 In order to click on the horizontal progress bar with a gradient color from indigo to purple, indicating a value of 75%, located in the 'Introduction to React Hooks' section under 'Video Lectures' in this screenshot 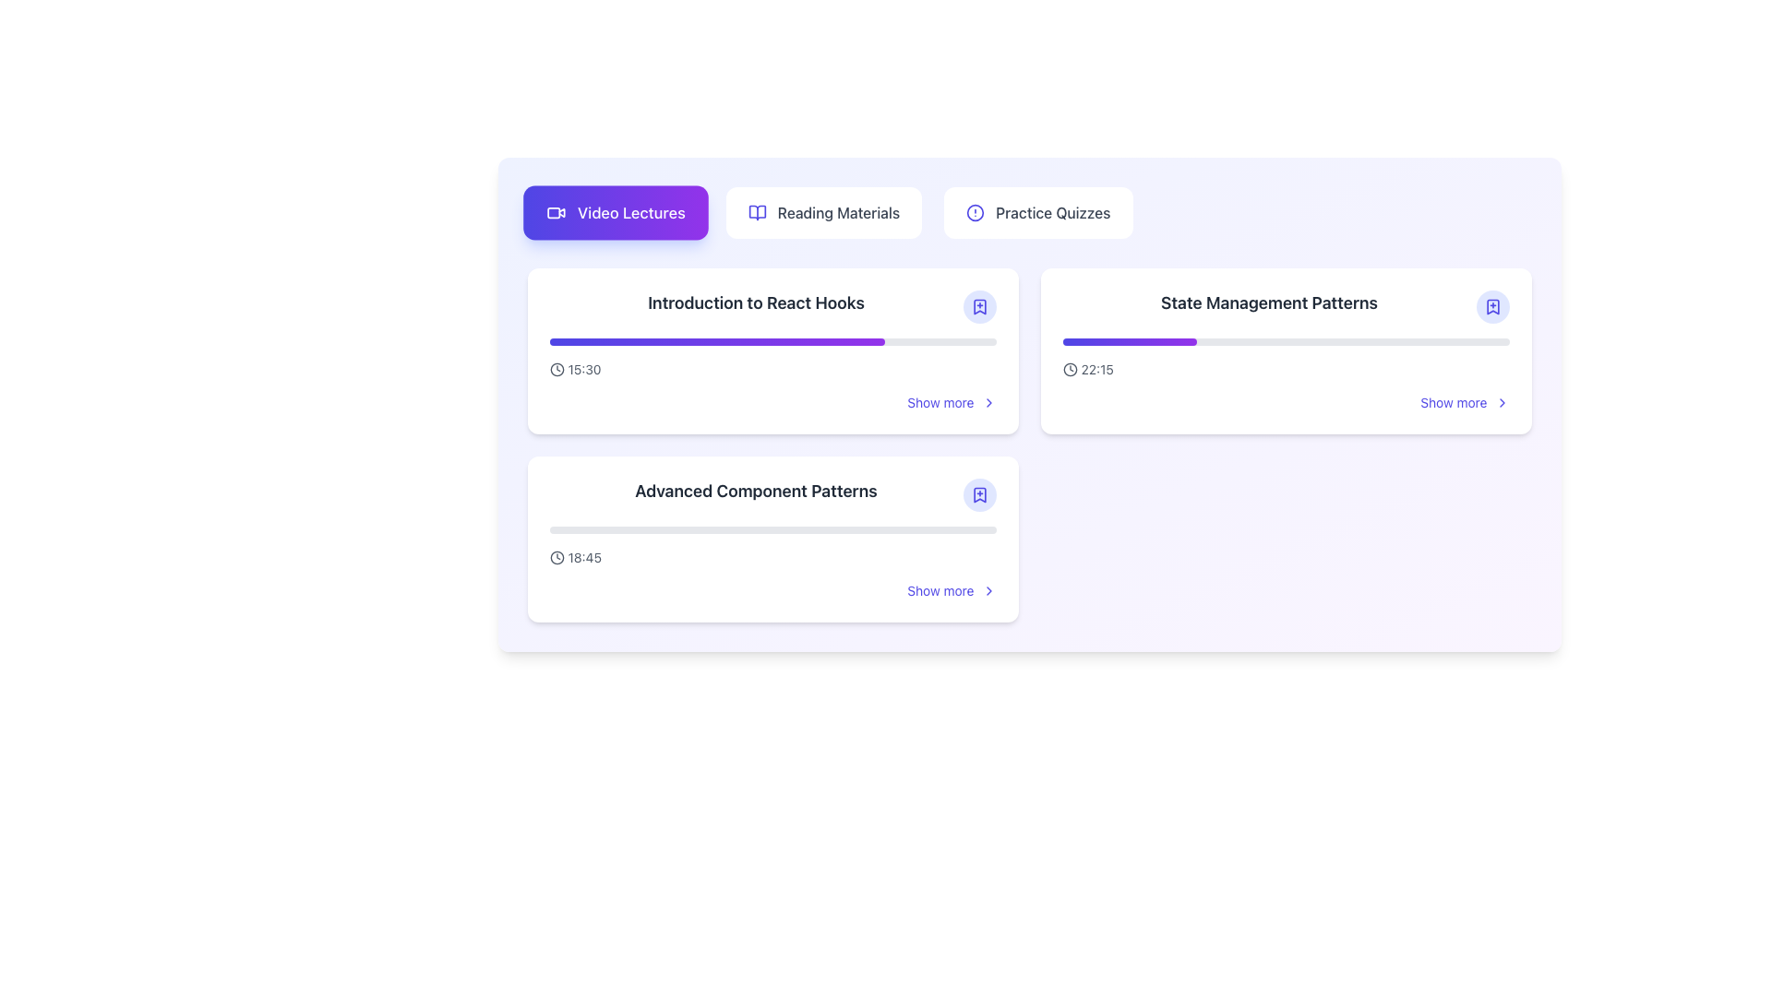, I will do `click(772, 341)`.